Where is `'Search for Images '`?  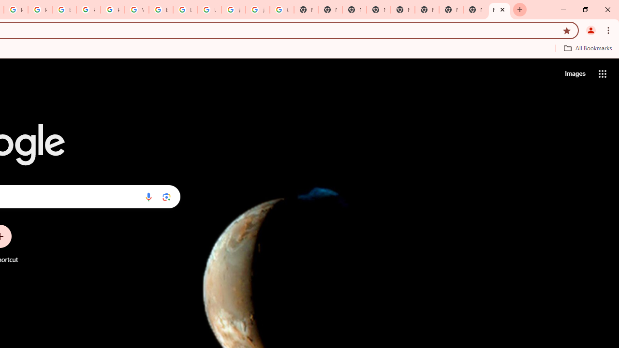
'Search for Images ' is located at coordinates (575, 73).